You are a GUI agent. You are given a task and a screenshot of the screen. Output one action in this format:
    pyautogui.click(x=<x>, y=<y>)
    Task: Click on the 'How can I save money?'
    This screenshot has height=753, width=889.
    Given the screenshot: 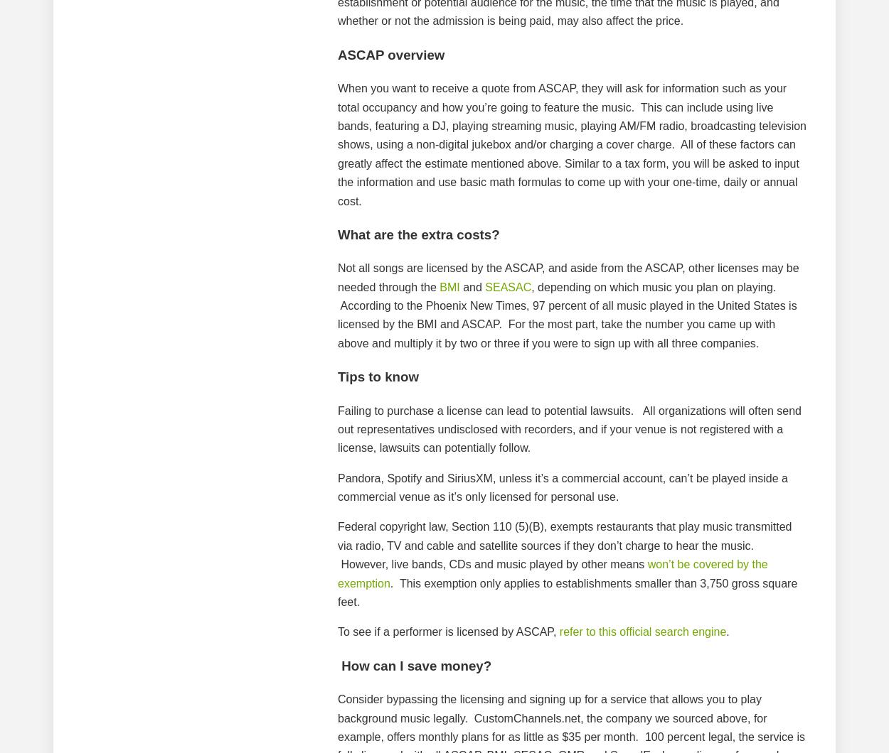 What is the action you would take?
    pyautogui.click(x=414, y=664)
    